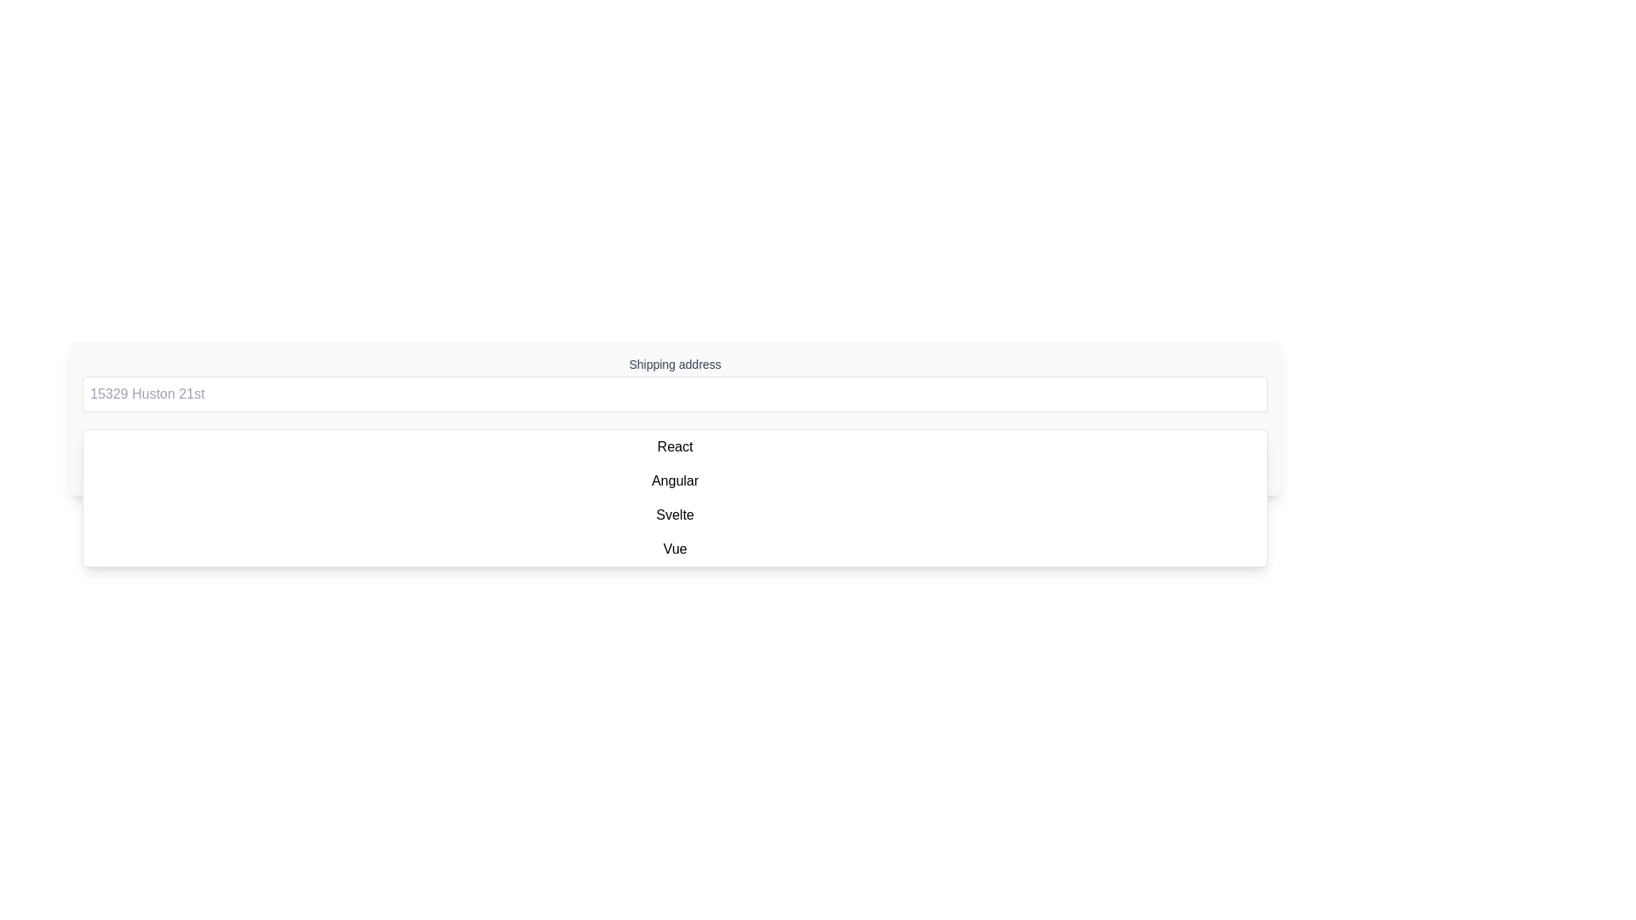  What do you see at coordinates (674, 452) in the screenshot?
I see `the dropdown menu element styled with a darker border and rounded corners, which contains the prompt 'Pick one'` at bounding box center [674, 452].